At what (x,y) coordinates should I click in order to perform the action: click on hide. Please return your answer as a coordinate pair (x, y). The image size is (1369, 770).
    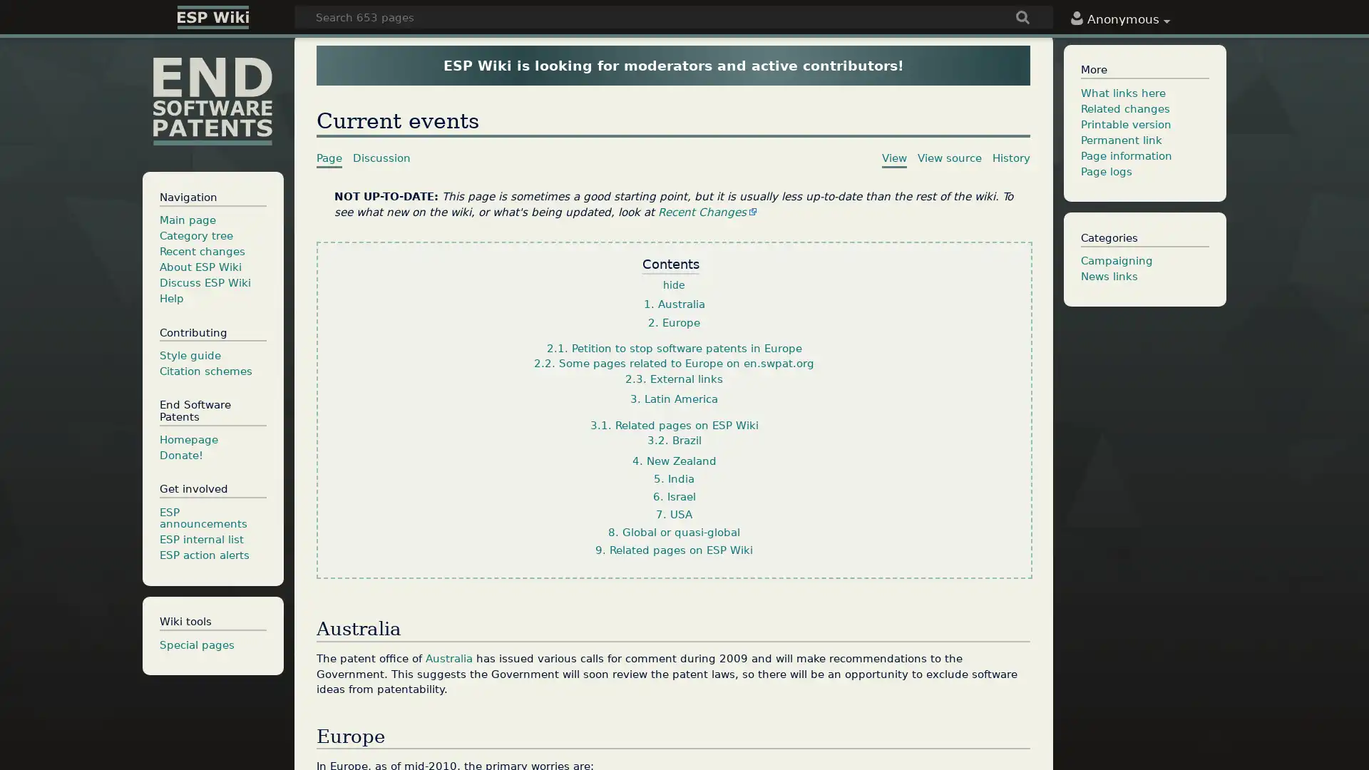
    Looking at the image, I should click on (673, 286).